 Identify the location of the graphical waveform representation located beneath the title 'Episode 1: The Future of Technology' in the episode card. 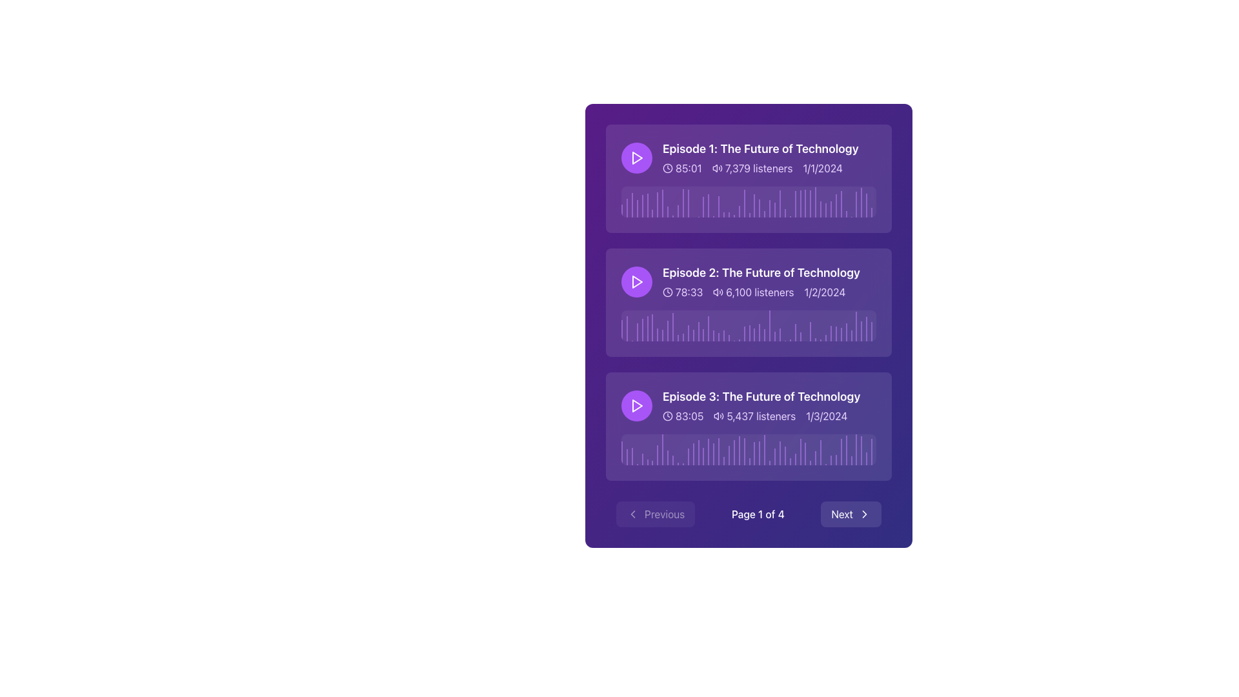
(749, 201).